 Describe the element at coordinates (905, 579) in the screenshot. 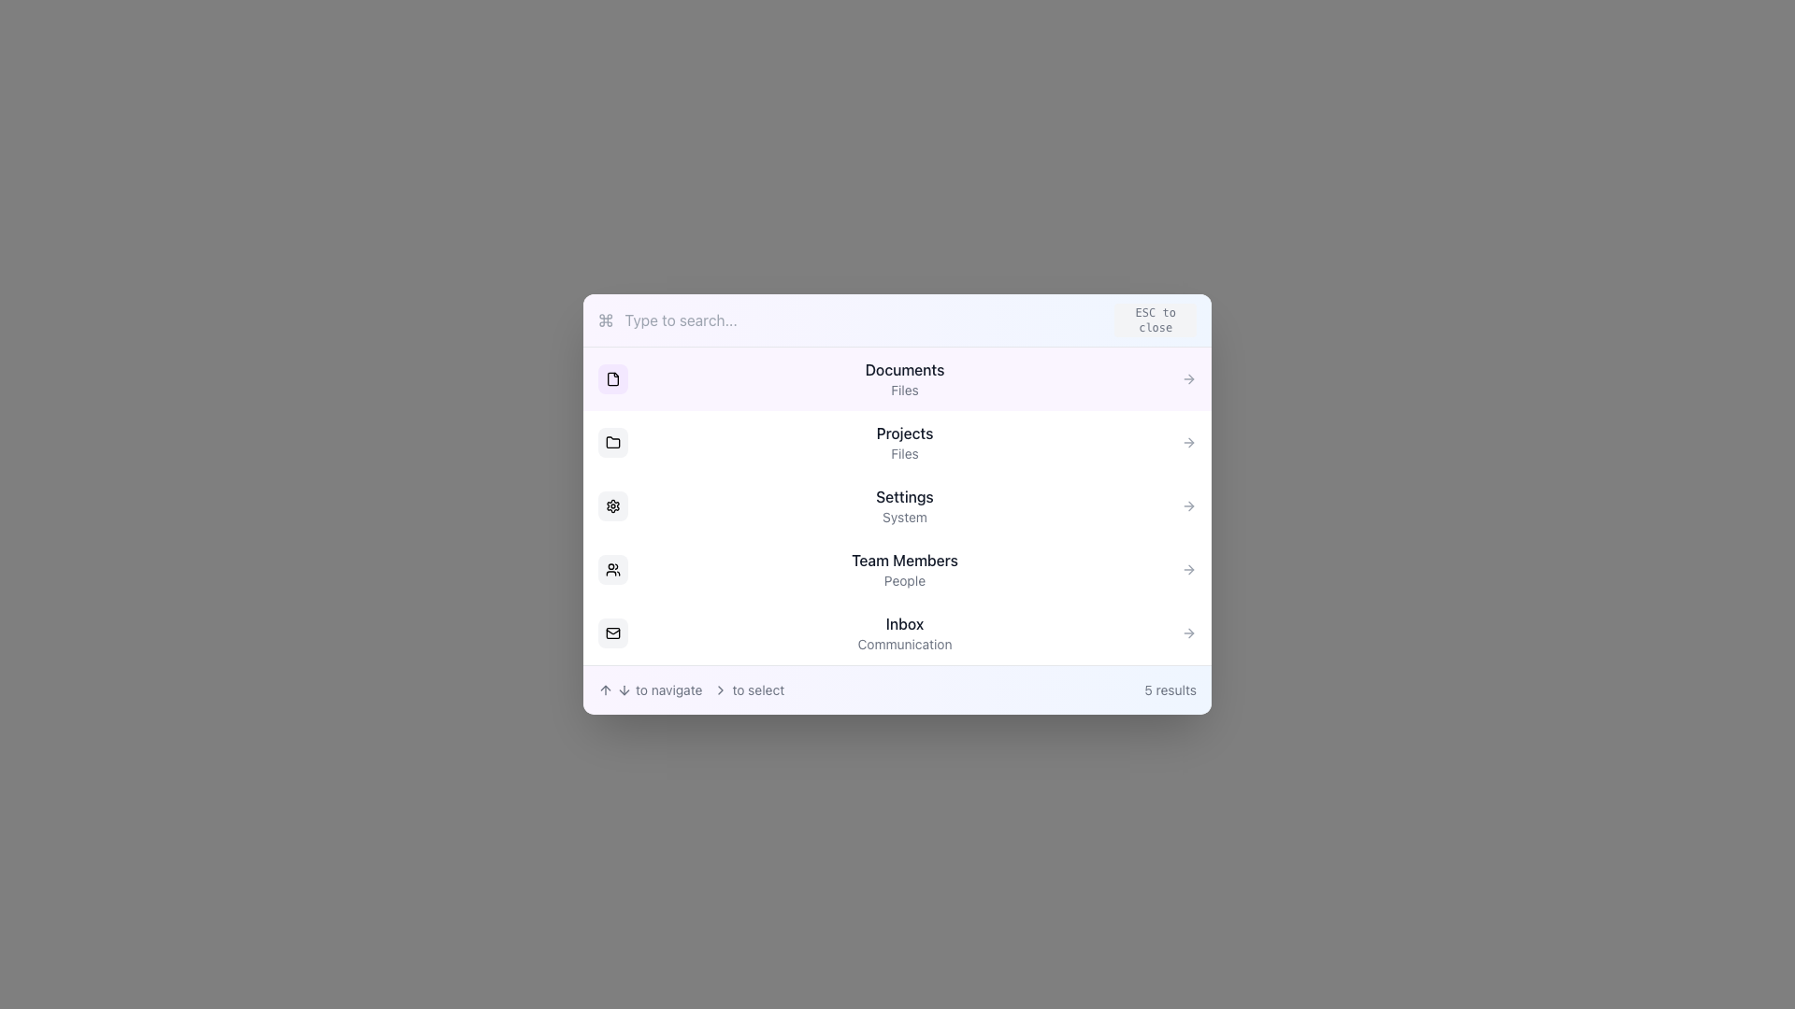

I see `the Text Label that provides contextual information for the 'Team Members' section, which is the second item below the title 'Team Members'` at that location.